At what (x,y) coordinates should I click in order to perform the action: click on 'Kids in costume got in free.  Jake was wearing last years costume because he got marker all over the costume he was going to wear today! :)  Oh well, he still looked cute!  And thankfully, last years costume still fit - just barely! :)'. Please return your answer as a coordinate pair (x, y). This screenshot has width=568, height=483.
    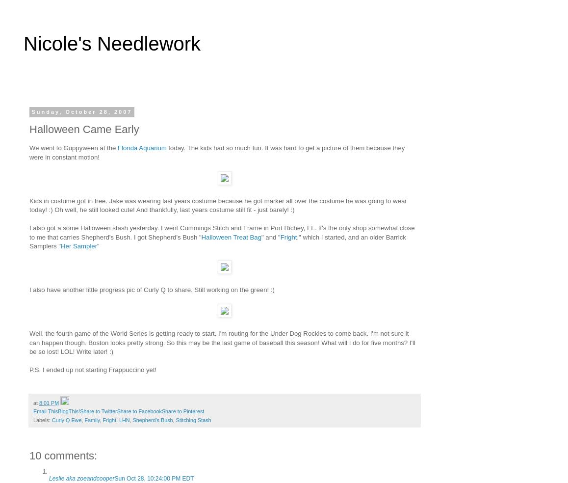
    Looking at the image, I should click on (29, 205).